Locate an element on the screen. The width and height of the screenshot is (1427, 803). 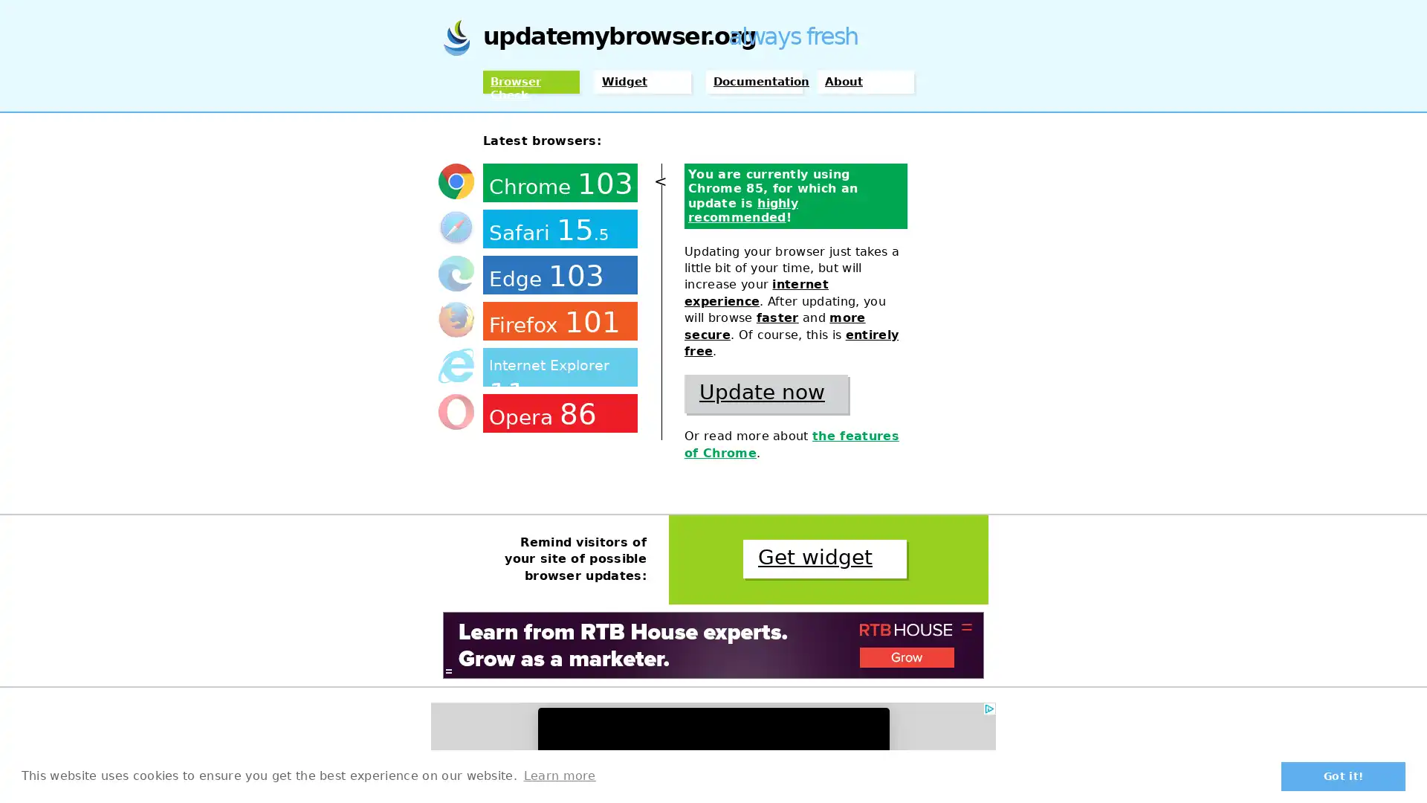
dismiss cookie message is located at coordinates (1343, 775).